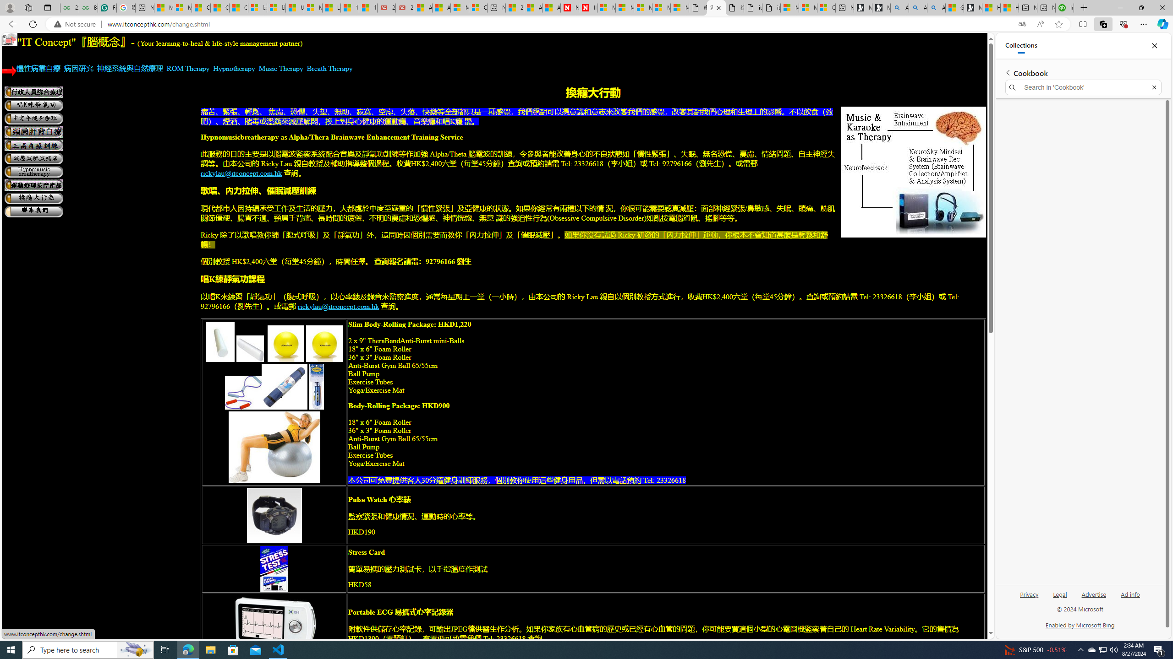 This screenshot has width=1173, height=659. What do you see at coordinates (1102, 23) in the screenshot?
I see `'Collections'` at bounding box center [1102, 23].